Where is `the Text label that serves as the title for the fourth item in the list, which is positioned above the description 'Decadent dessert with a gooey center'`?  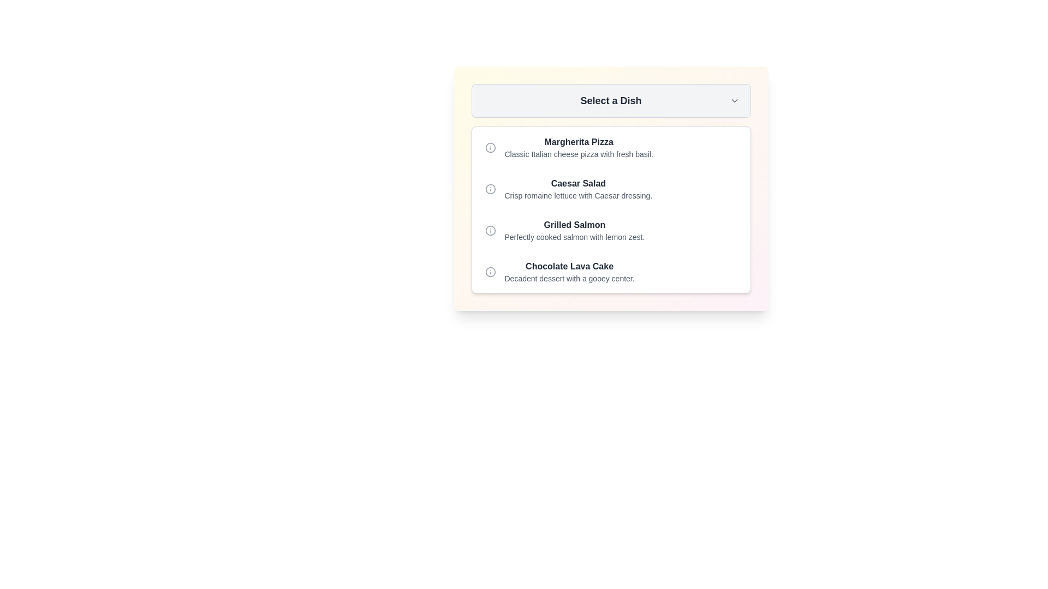
the Text label that serves as the title for the fourth item in the list, which is positioned above the description 'Decadent dessert with a gooey center' is located at coordinates (569, 267).